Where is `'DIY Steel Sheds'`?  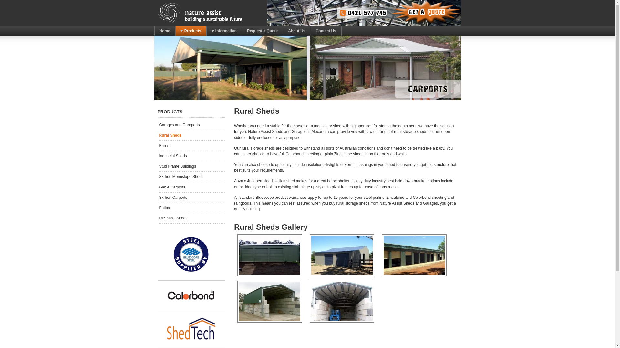 'DIY Steel Sheds' is located at coordinates (191, 218).